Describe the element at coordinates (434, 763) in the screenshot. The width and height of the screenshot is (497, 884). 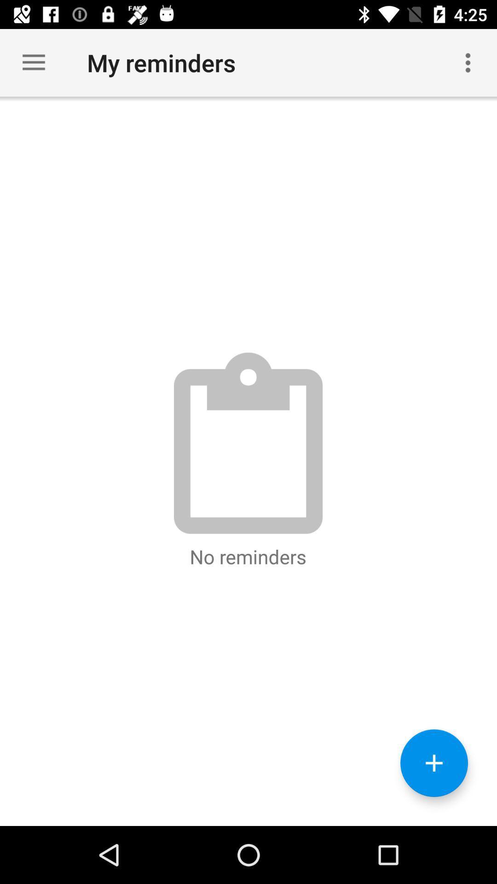
I see `a reminder` at that location.